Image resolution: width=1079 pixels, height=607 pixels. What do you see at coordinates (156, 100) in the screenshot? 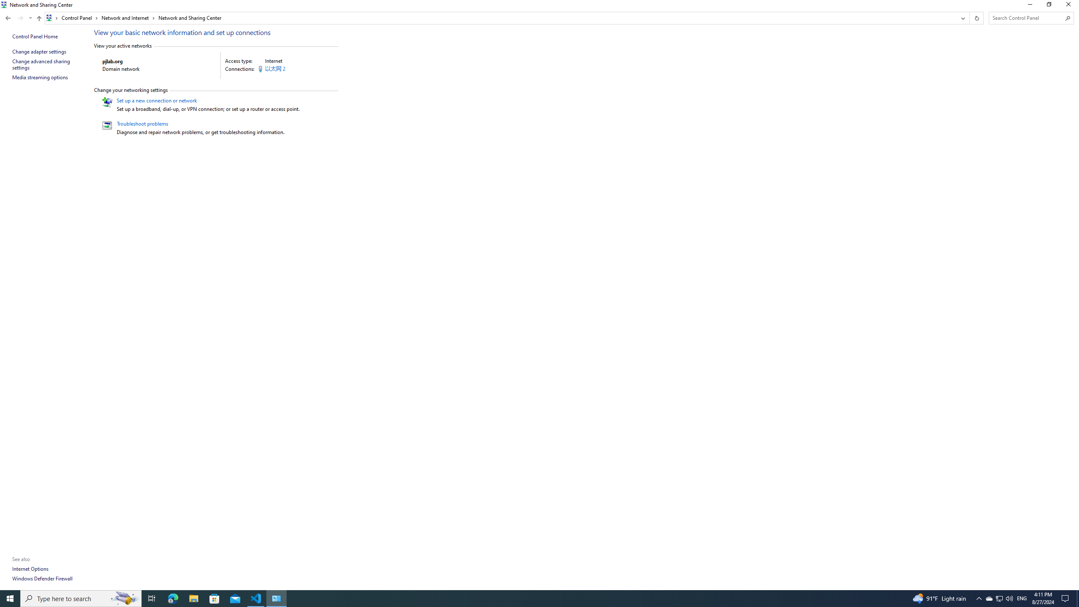
I see `'Set up a new connection or network'` at bounding box center [156, 100].